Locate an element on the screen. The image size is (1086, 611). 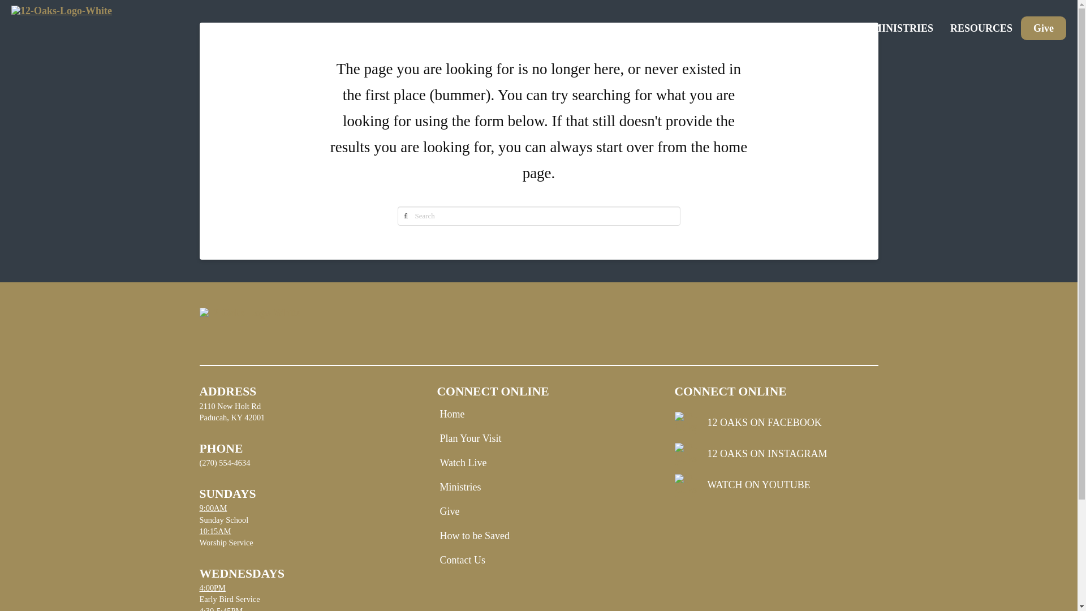
'RESOURCES' is located at coordinates (980, 28).